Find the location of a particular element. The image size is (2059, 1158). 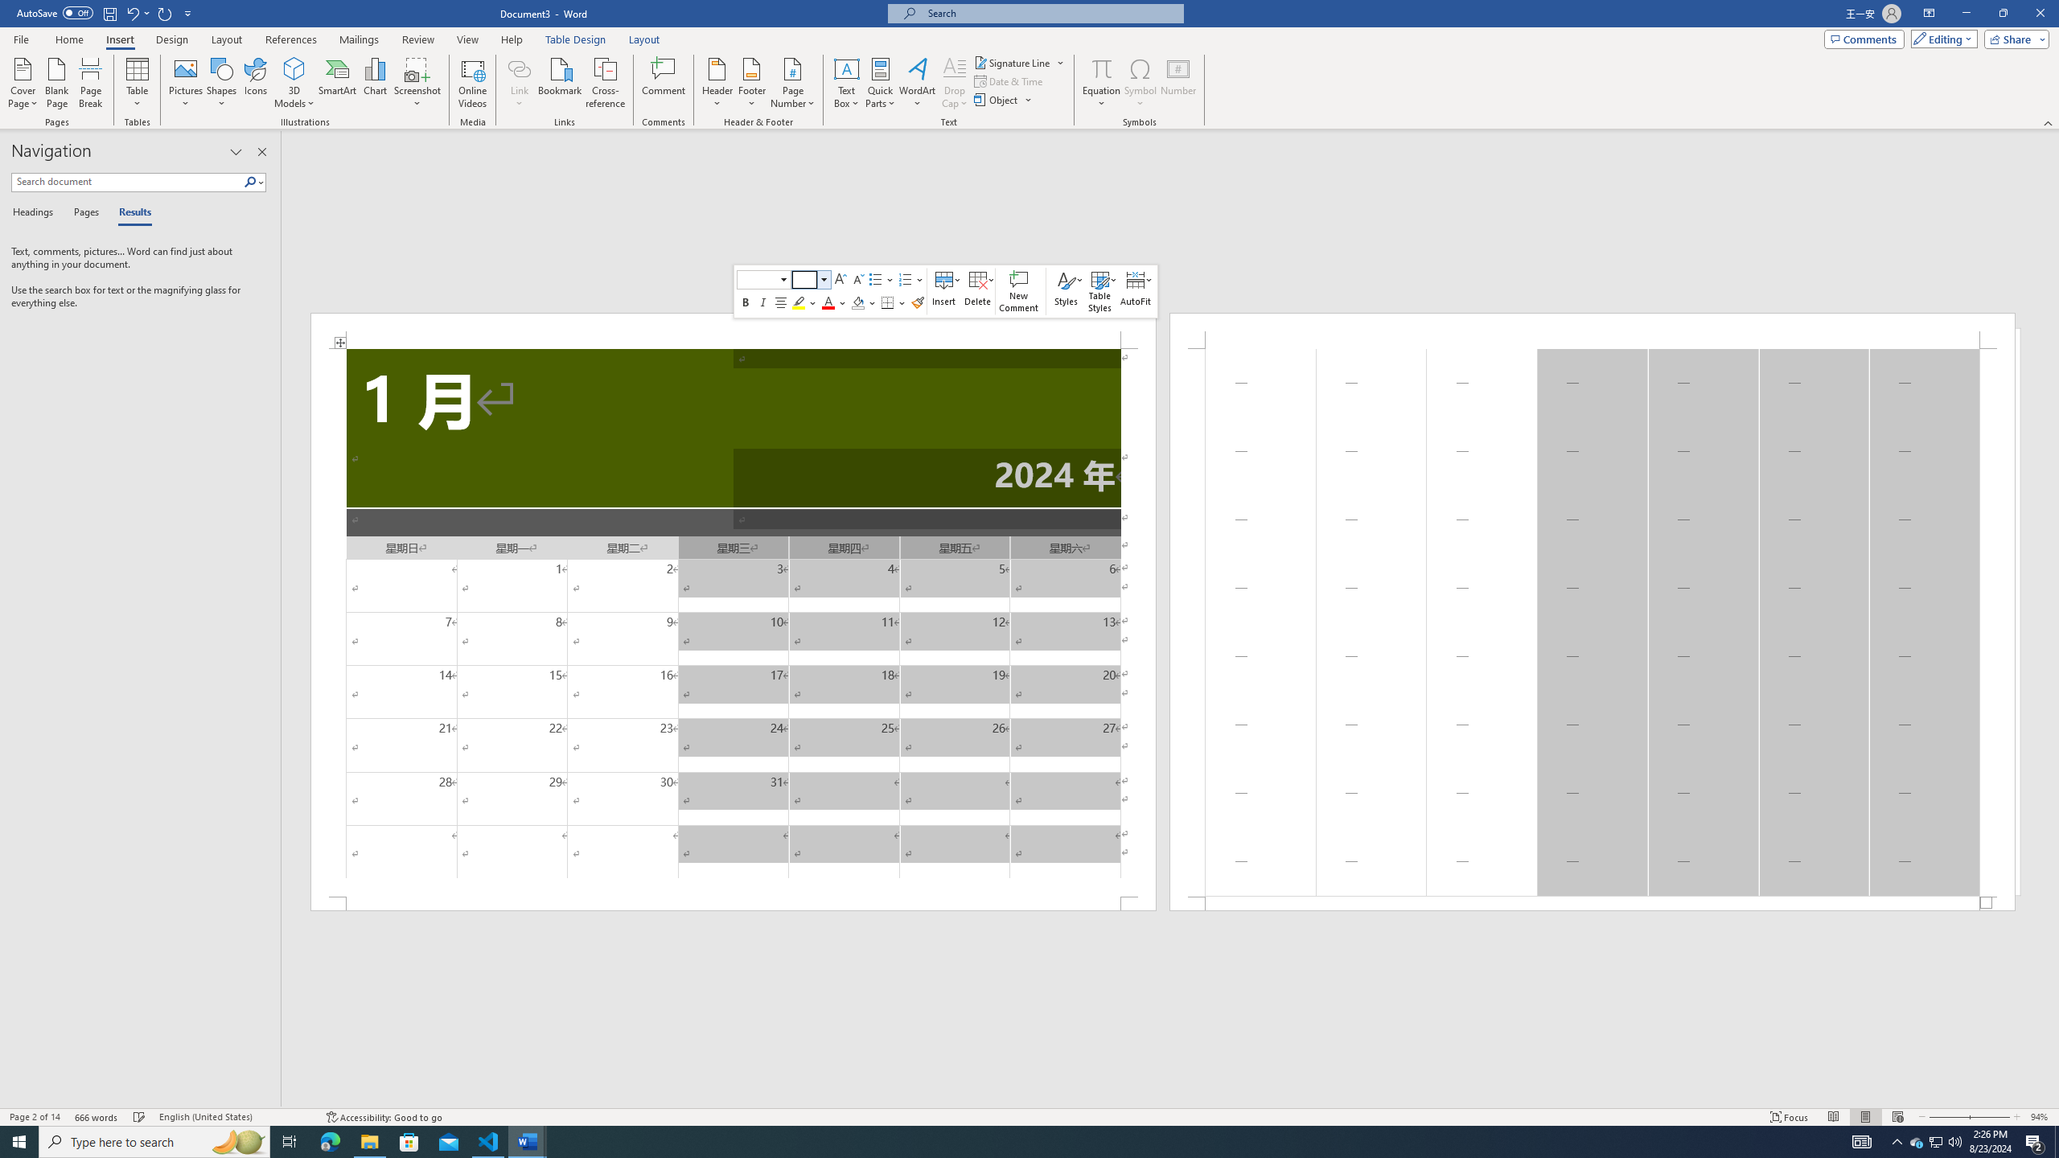

'Drop Cap' is located at coordinates (954, 83).